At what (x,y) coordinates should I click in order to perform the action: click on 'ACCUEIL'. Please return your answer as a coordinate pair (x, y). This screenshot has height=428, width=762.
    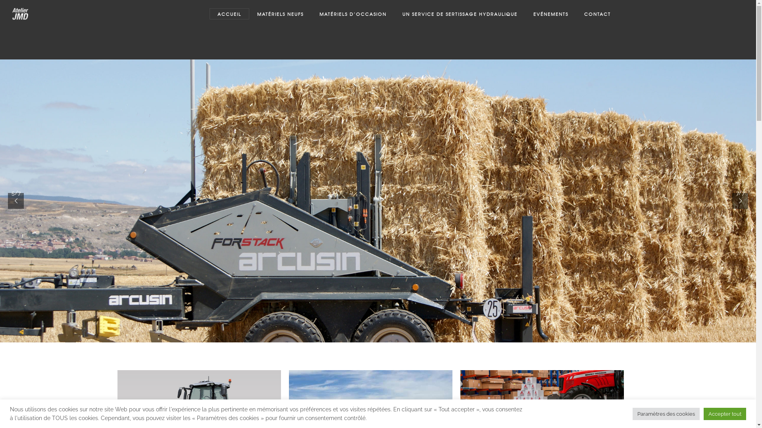
    Looking at the image, I should click on (229, 13).